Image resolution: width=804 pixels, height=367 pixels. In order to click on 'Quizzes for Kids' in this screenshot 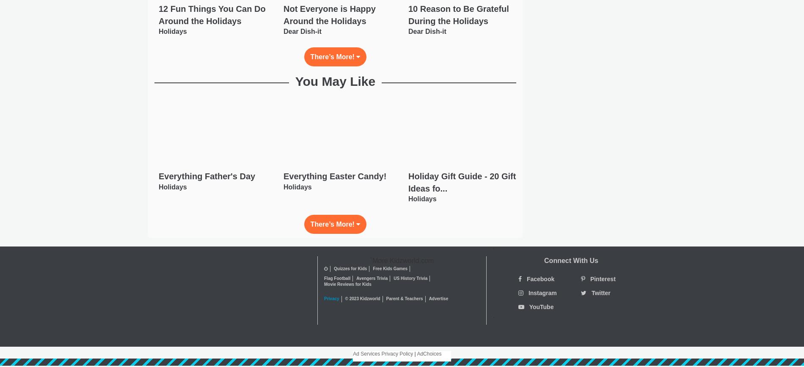, I will do `click(350, 268)`.